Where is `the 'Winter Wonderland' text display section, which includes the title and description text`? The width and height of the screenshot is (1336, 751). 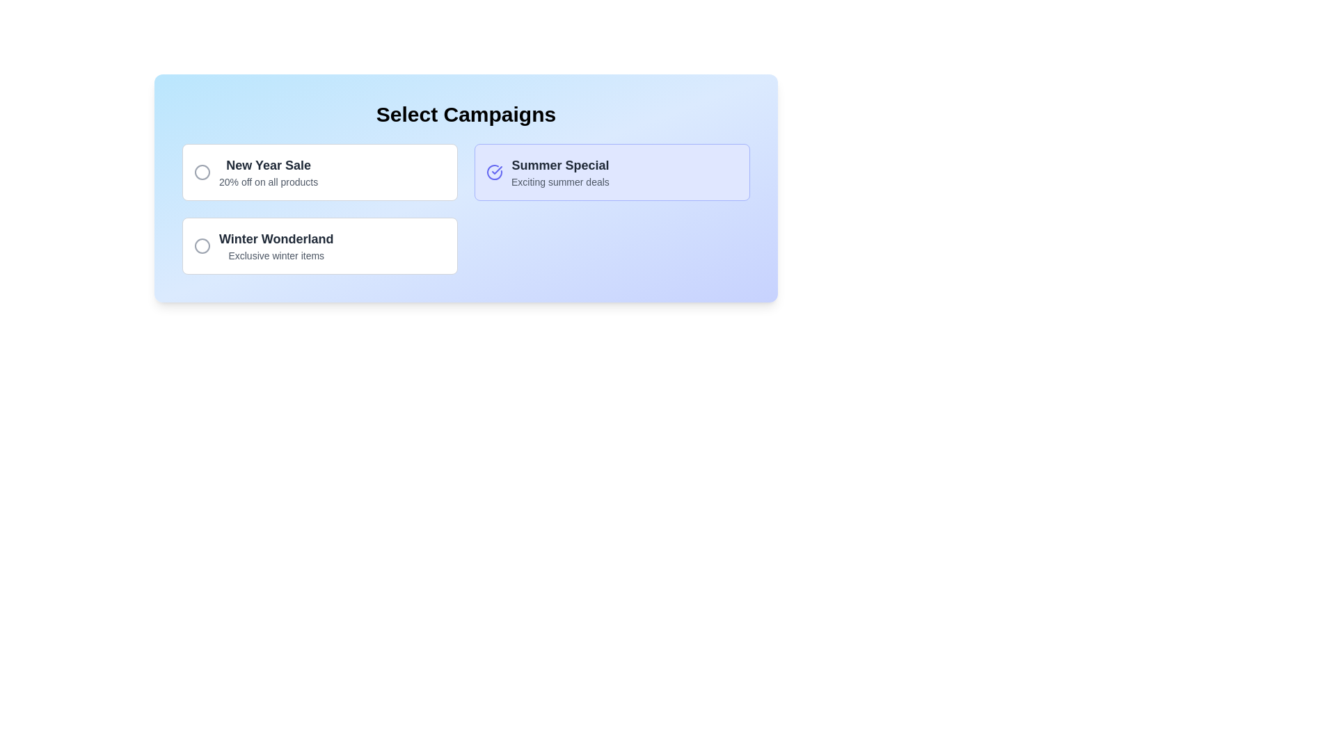 the 'Winter Wonderland' text display section, which includes the title and description text is located at coordinates (276, 245).